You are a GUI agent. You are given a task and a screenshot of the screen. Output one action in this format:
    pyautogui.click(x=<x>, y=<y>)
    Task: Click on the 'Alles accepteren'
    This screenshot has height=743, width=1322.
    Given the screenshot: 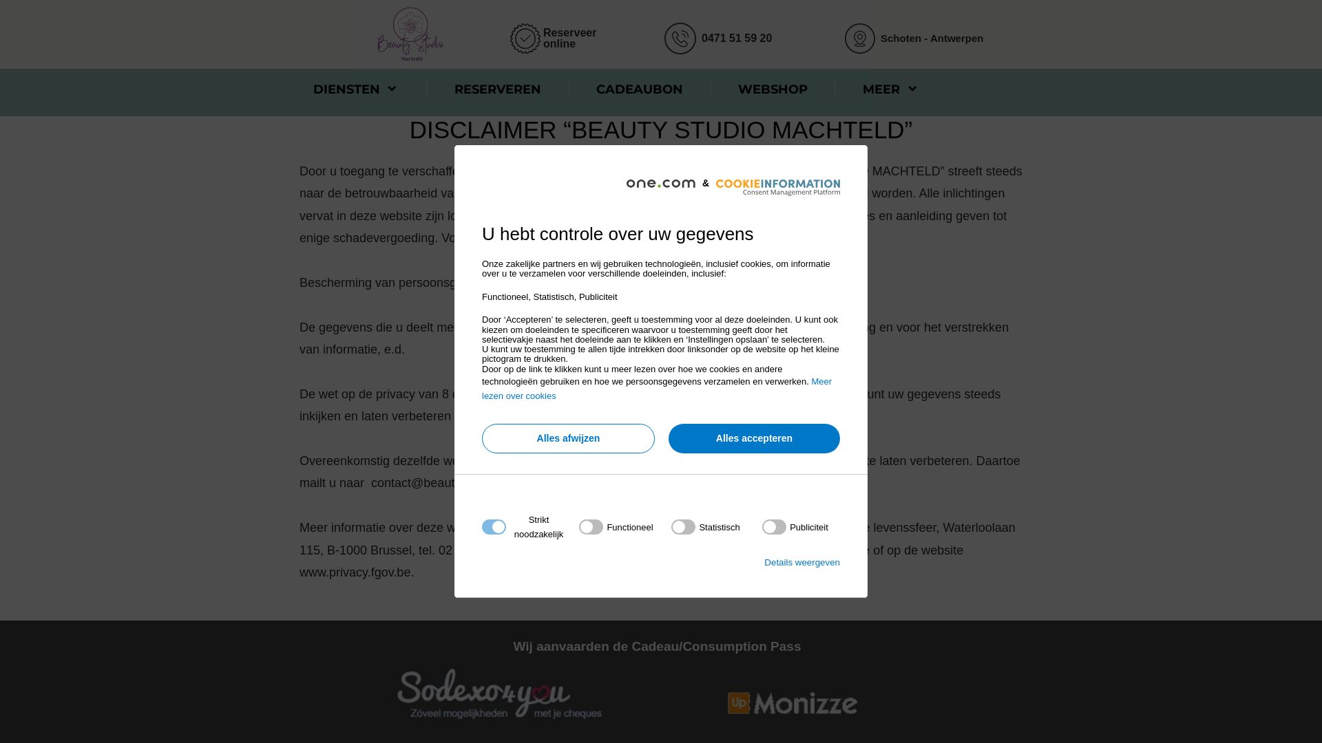 What is the action you would take?
    pyautogui.click(x=753, y=438)
    